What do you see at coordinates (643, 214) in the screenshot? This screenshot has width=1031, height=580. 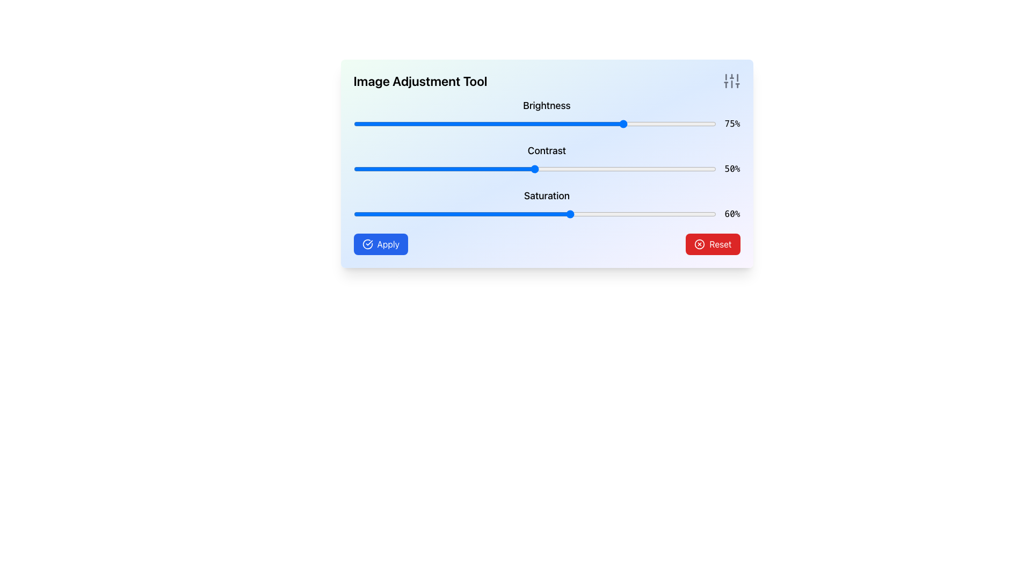 I see `the saturation` at bounding box center [643, 214].